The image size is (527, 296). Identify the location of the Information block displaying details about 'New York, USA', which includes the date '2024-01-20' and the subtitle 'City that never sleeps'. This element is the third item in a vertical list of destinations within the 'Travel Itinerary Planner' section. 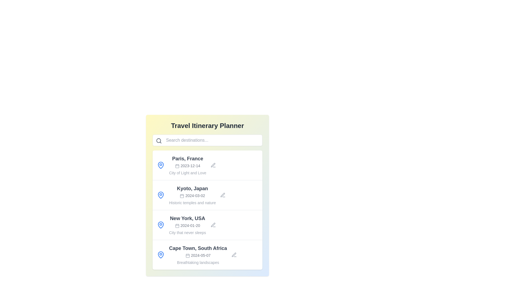
(187, 225).